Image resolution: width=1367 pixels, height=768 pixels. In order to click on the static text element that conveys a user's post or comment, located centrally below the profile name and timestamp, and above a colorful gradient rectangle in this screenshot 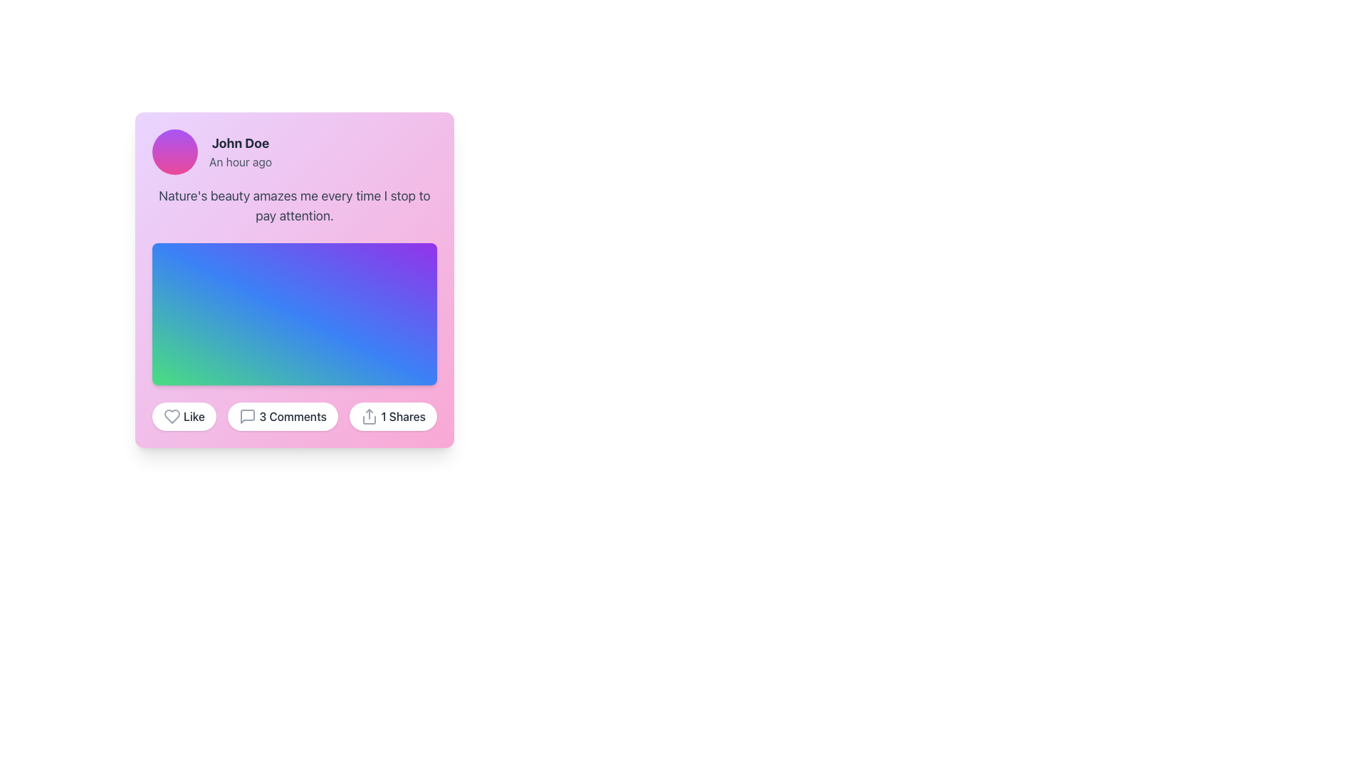, I will do `click(293, 206)`.